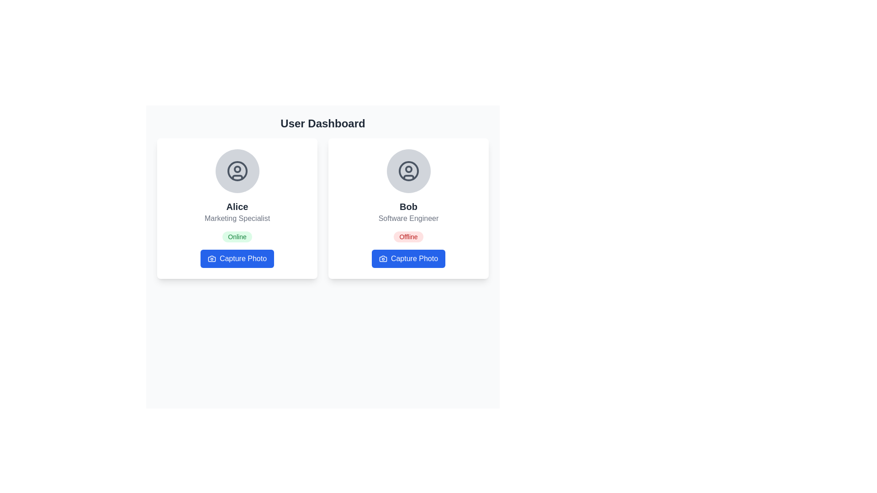  What do you see at coordinates (408, 171) in the screenshot?
I see `the user profile image icon with a circular background located in the upper central region of the card labeled 'Bob' in the user dashboard interface` at bounding box center [408, 171].